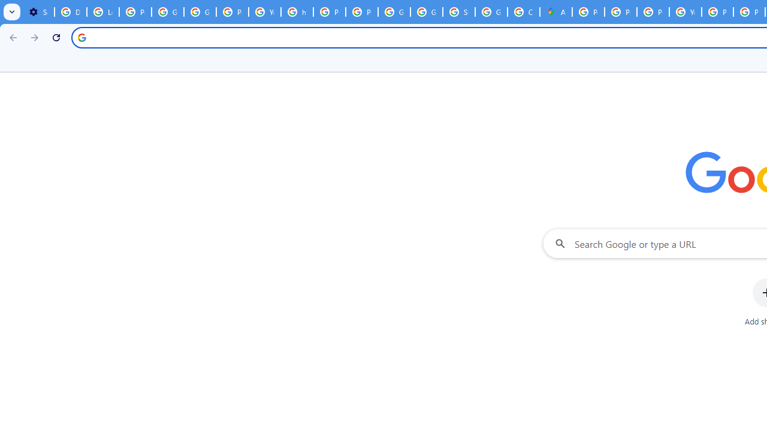  What do you see at coordinates (167, 12) in the screenshot?
I see `'Google Account Help'` at bounding box center [167, 12].